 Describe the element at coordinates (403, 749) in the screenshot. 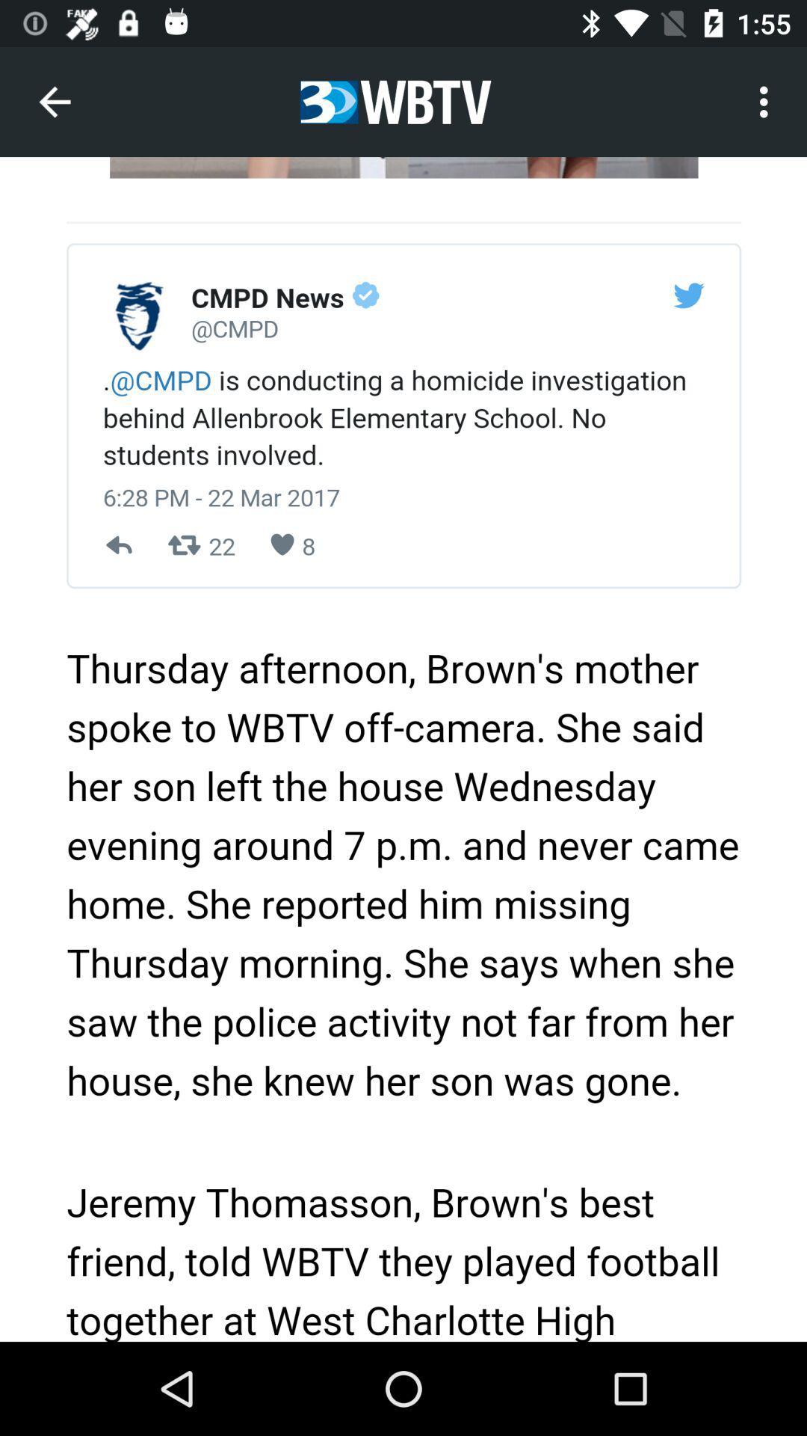

I see `colour pinter` at that location.